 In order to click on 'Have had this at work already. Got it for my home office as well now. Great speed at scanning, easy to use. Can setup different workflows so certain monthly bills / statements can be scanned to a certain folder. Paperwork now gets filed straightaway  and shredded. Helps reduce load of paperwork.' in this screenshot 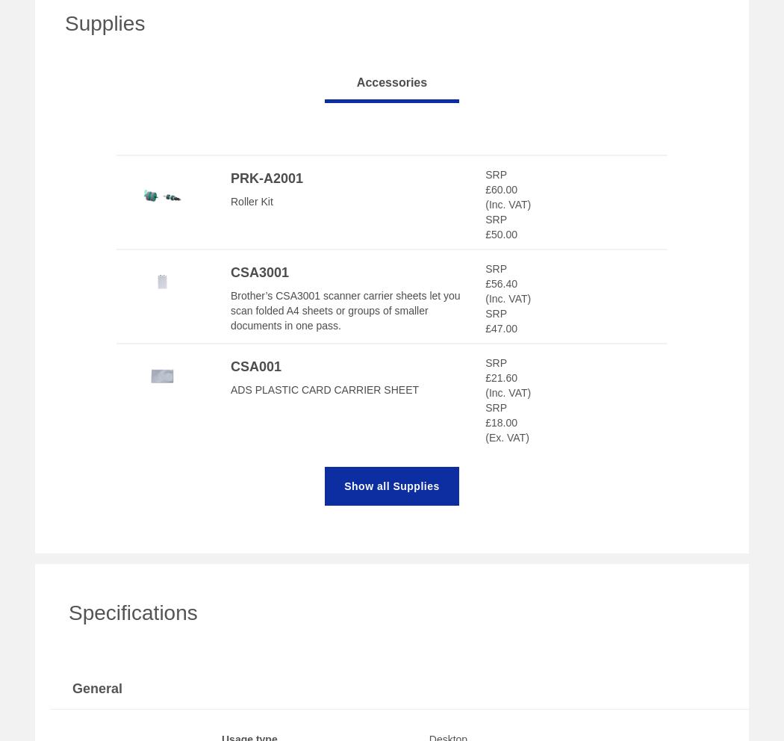, I will do `click(399, 193)`.